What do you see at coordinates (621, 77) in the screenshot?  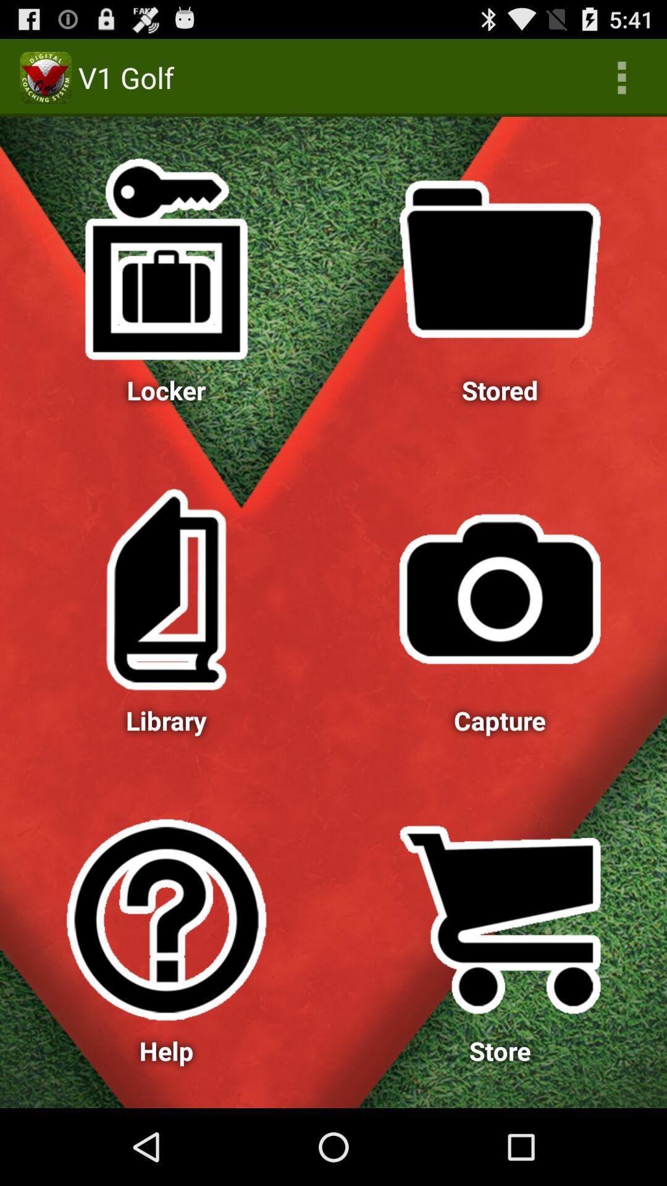 I see `icon next to v1 golf icon` at bounding box center [621, 77].